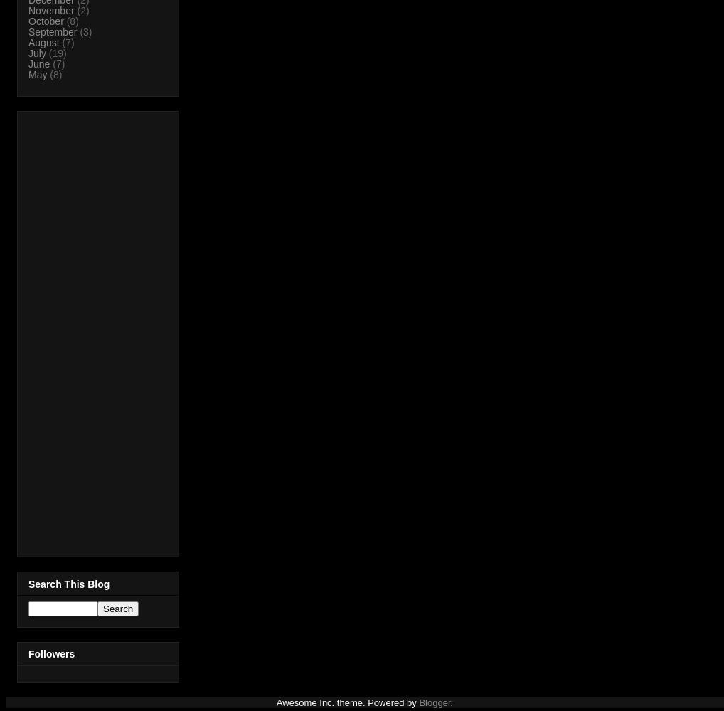 This screenshot has width=724, height=711. Describe the element at coordinates (28, 31) in the screenshot. I see `'September'` at that location.